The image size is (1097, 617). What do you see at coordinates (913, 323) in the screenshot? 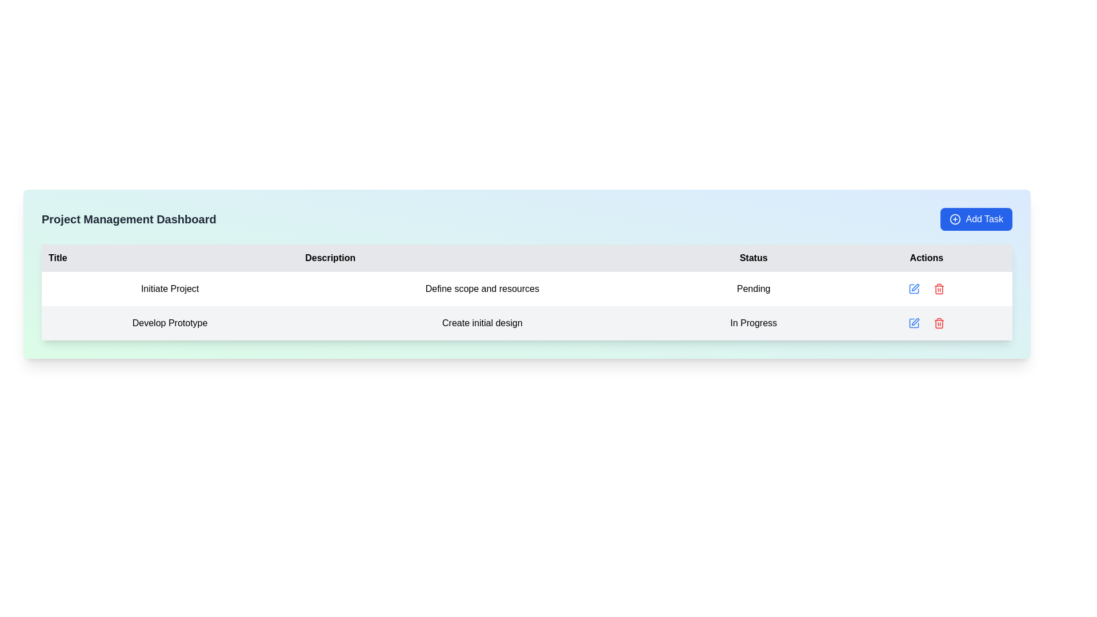
I see `the blue pen icon button located in the 'Actions' column of the second row ('Develop Prototype') in the table` at bounding box center [913, 323].